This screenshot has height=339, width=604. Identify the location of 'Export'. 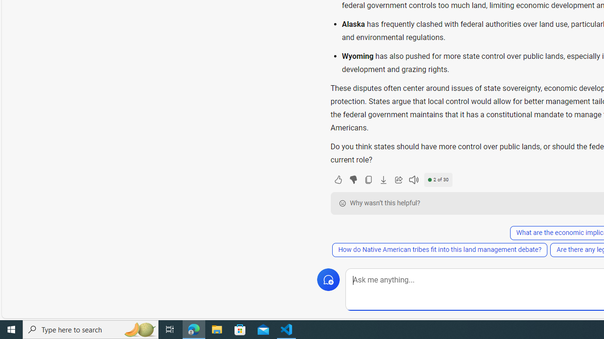
(383, 179).